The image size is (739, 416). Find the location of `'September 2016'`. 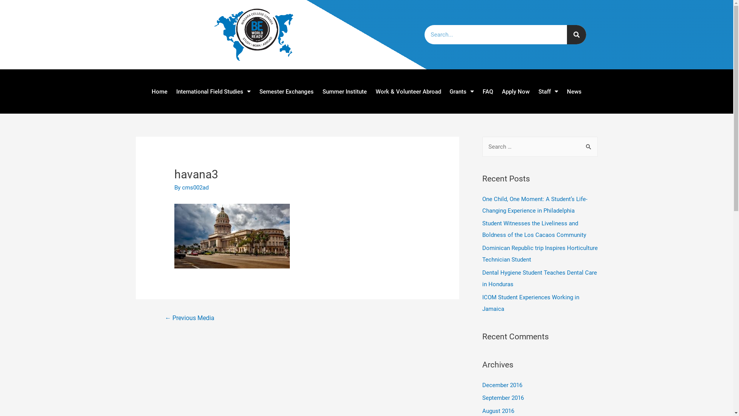

'September 2016' is located at coordinates (502, 398).